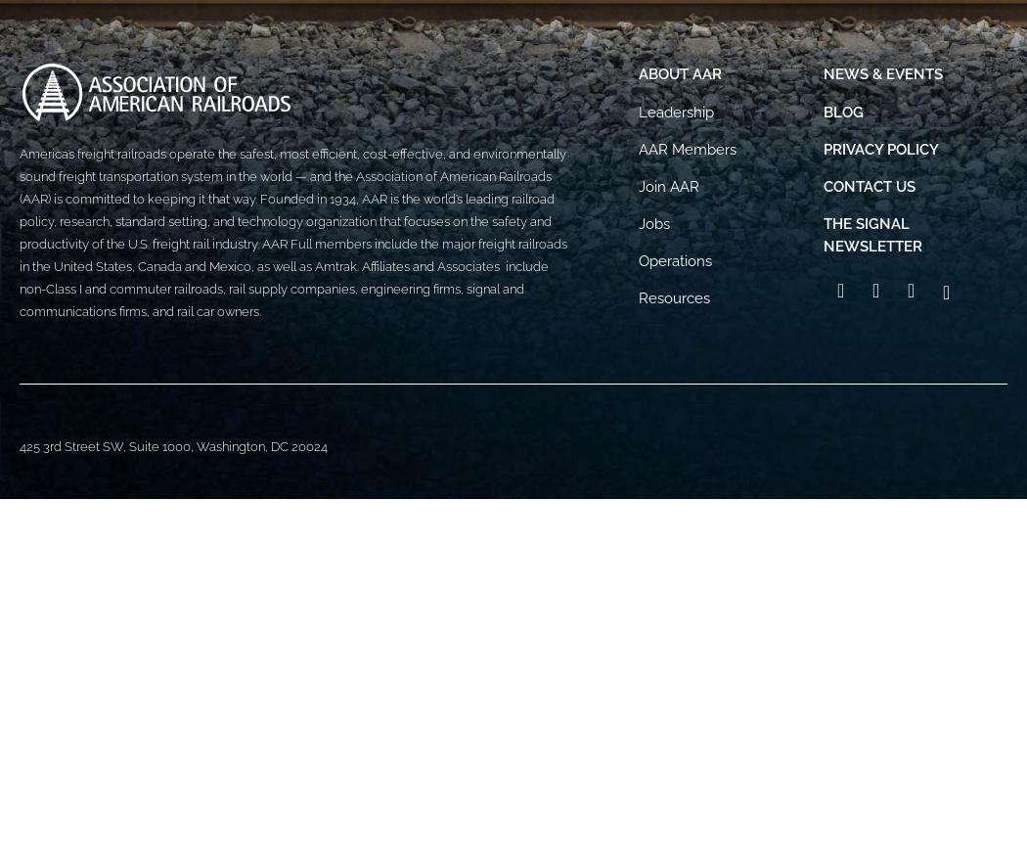 This screenshot has width=1027, height=863. Describe the element at coordinates (637, 74) in the screenshot. I see `'About AAR'` at that location.